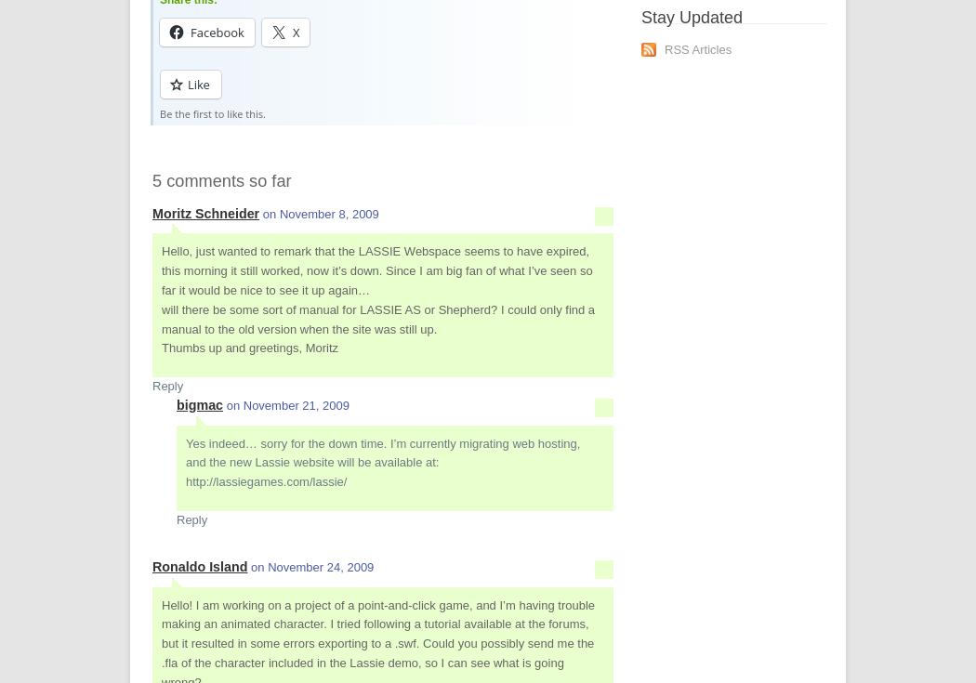 The height and width of the screenshot is (683, 976). I want to click on 'http://lassiegames.com/lassie/', so click(265, 481).